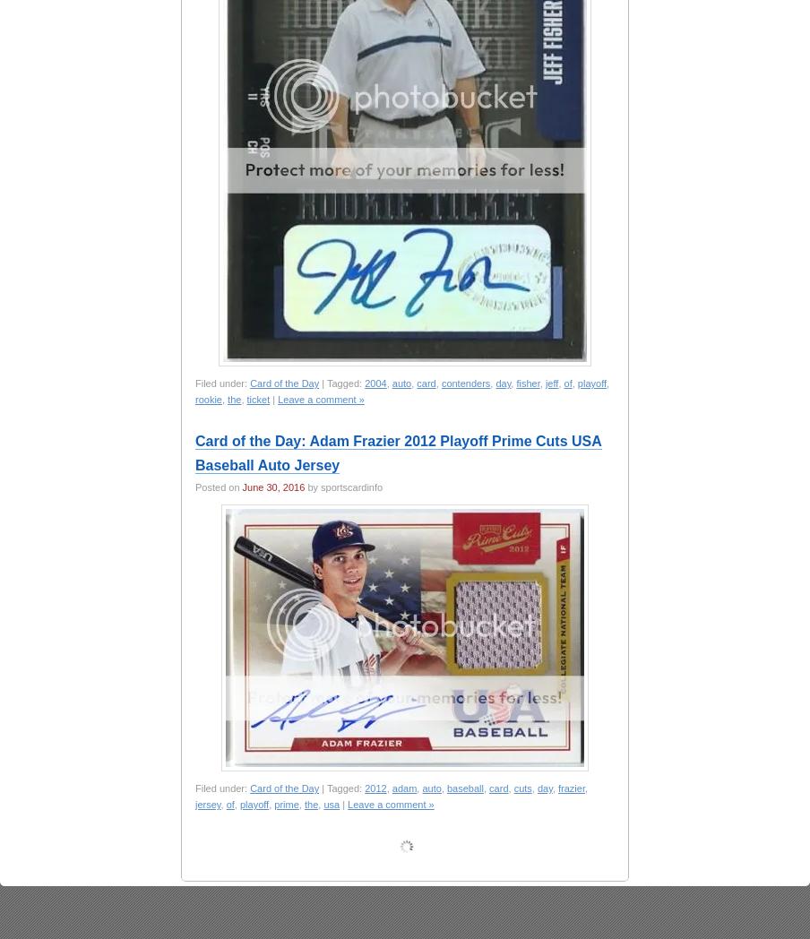 This screenshot has width=810, height=939. Describe the element at coordinates (375, 788) in the screenshot. I see `'2012'` at that location.